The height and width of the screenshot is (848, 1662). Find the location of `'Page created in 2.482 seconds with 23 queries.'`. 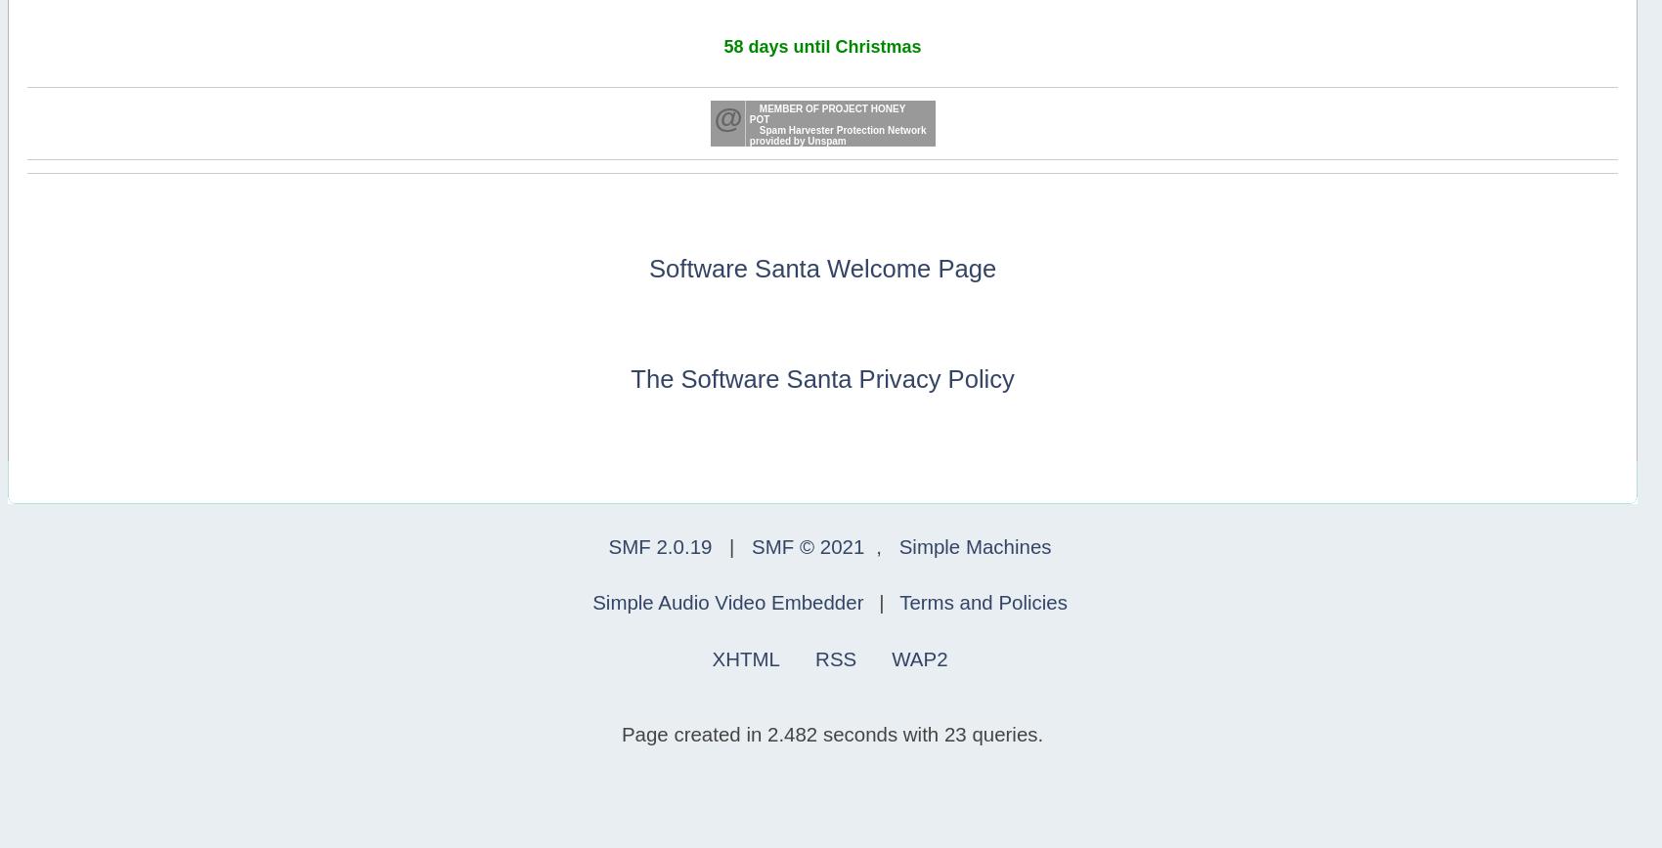

'Page created in 2.482 seconds with 23 queries.' is located at coordinates (832, 733).